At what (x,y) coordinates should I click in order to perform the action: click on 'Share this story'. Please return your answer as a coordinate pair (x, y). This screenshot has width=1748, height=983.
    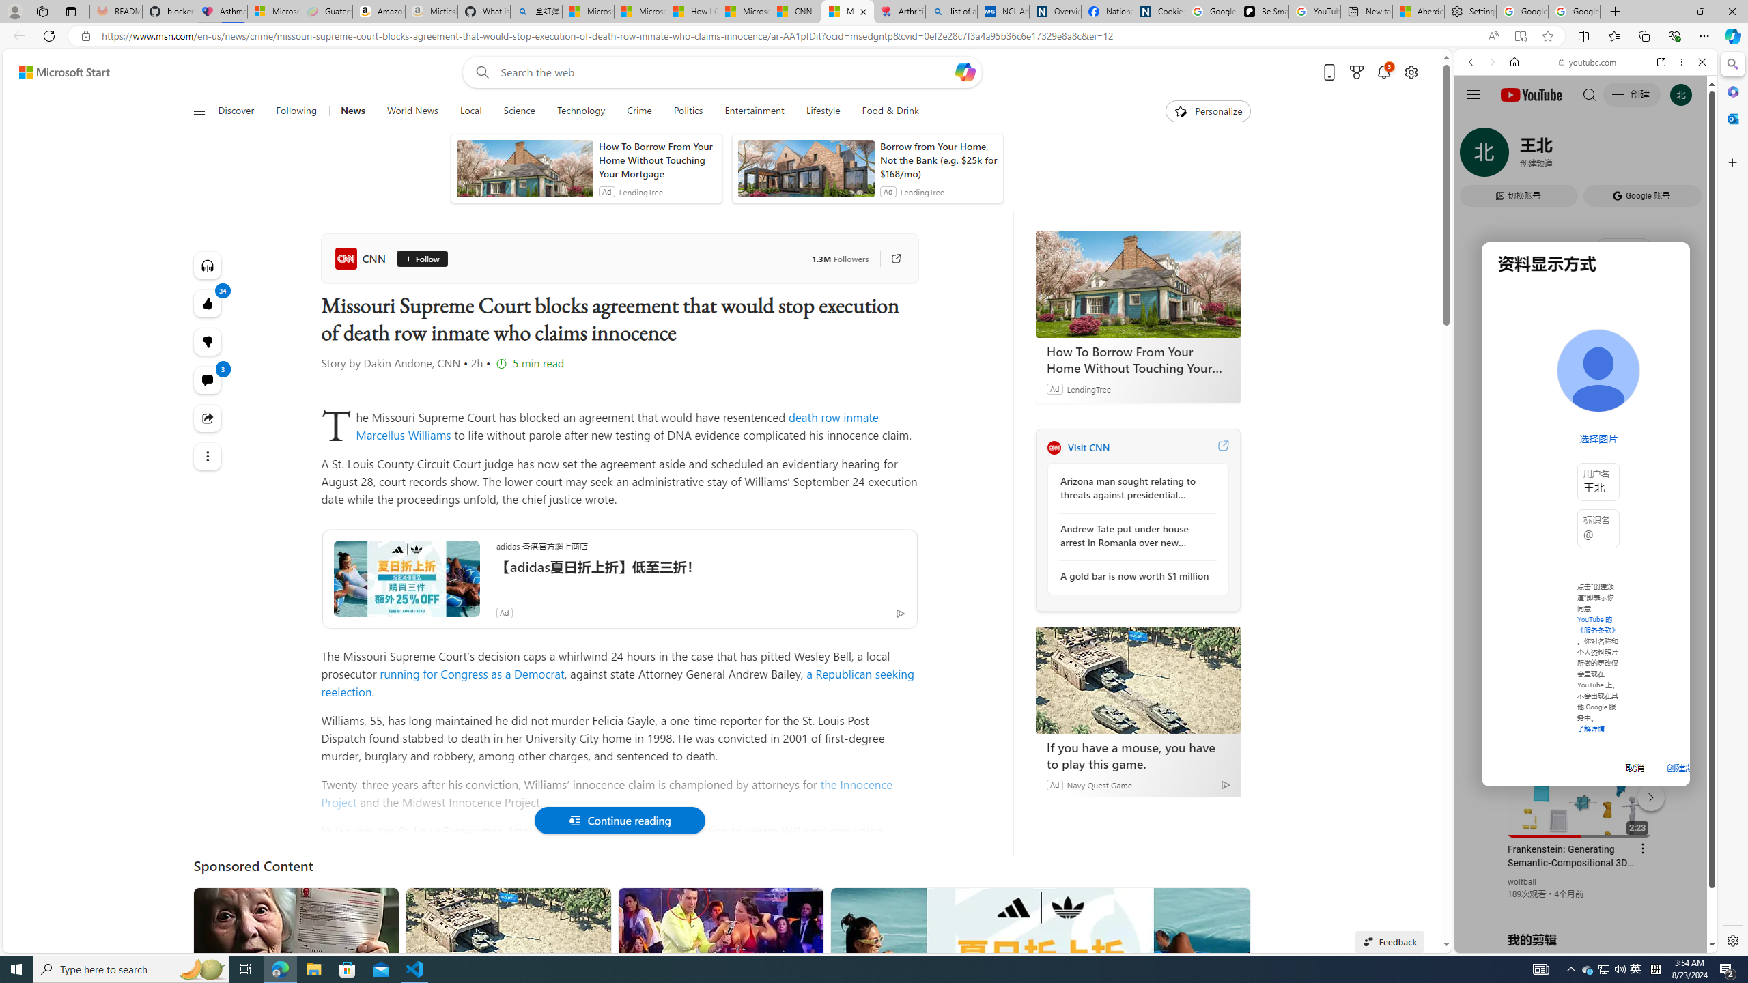
    Looking at the image, I should click on (207, 418).